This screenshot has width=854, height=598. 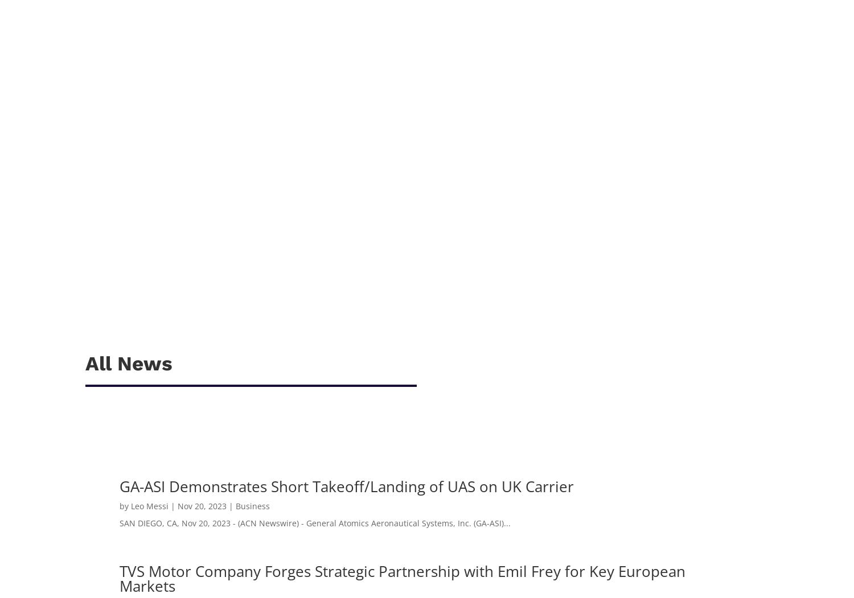 I want to click on 'TVS Motor Company Forges Strategic Partnership with Emil Frey for Key European Markets', so click(x=401, y=578).